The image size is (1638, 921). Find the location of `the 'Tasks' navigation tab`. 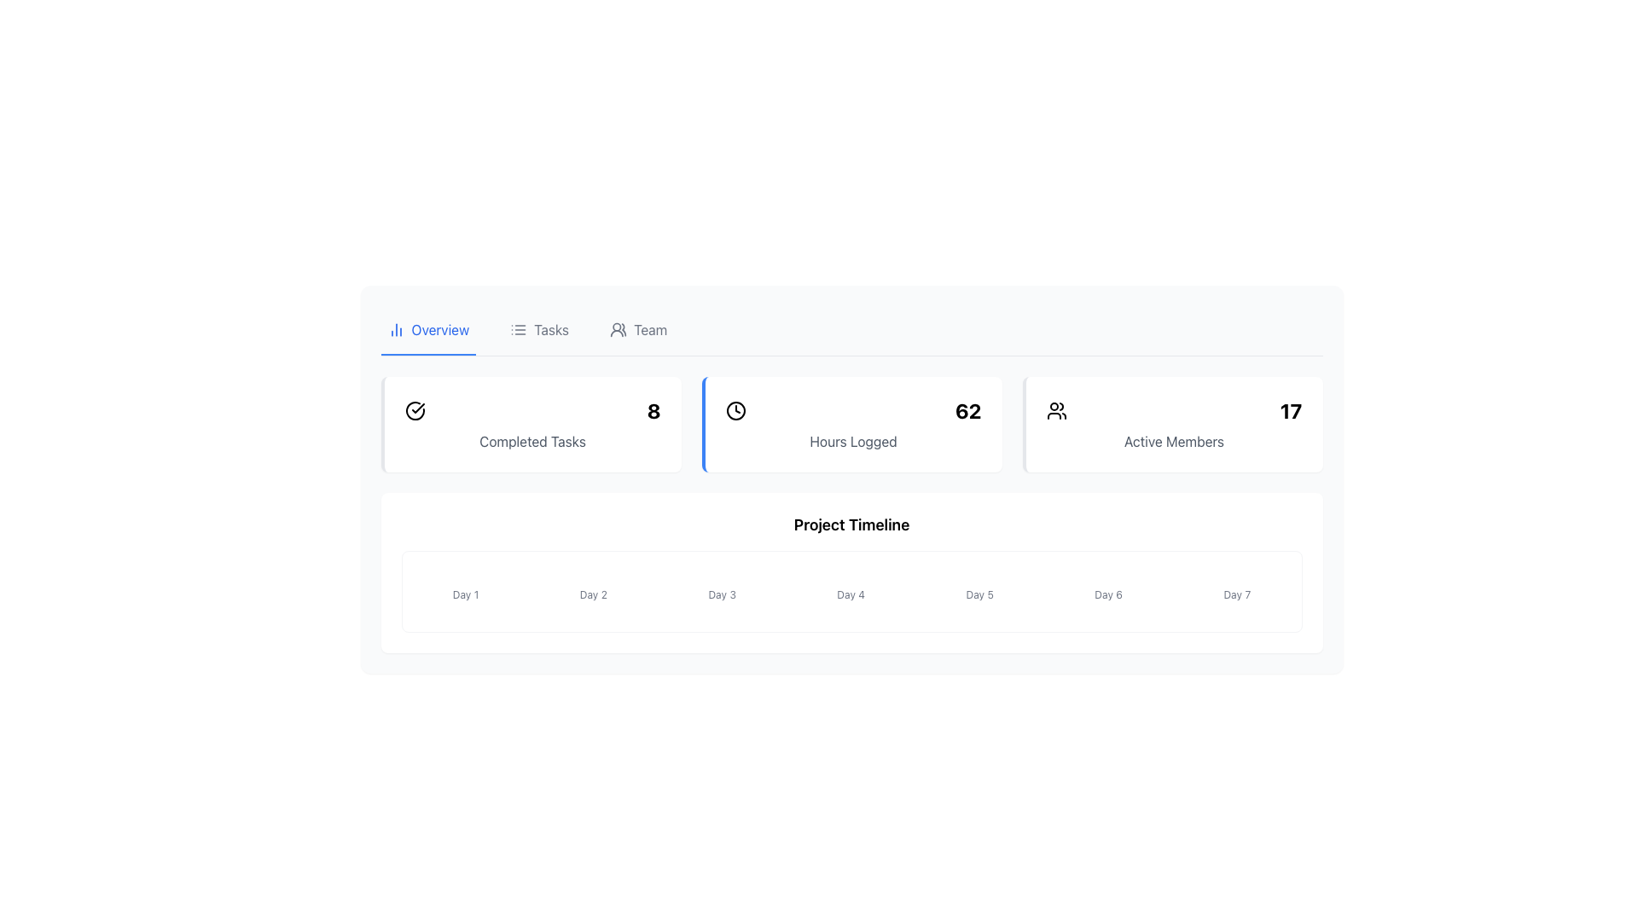

the 'Tasks' navigation tab is located at coordinates (538, 331).